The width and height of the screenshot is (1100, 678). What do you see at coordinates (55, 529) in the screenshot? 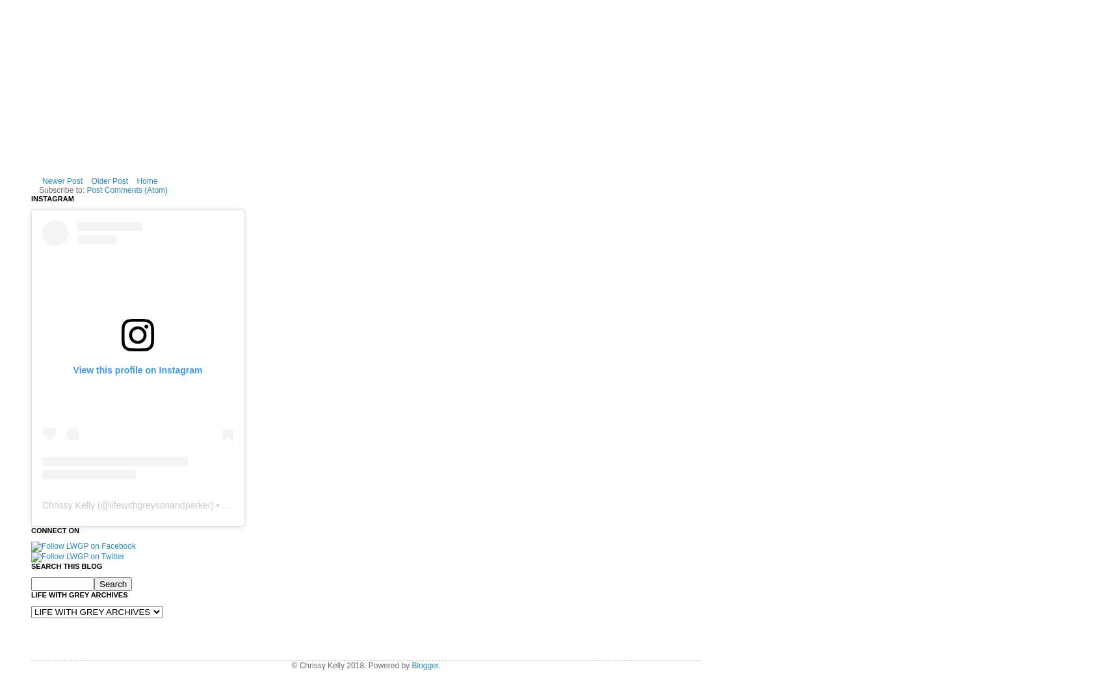
I see `'connect on'` at bounding box center [55, 529].